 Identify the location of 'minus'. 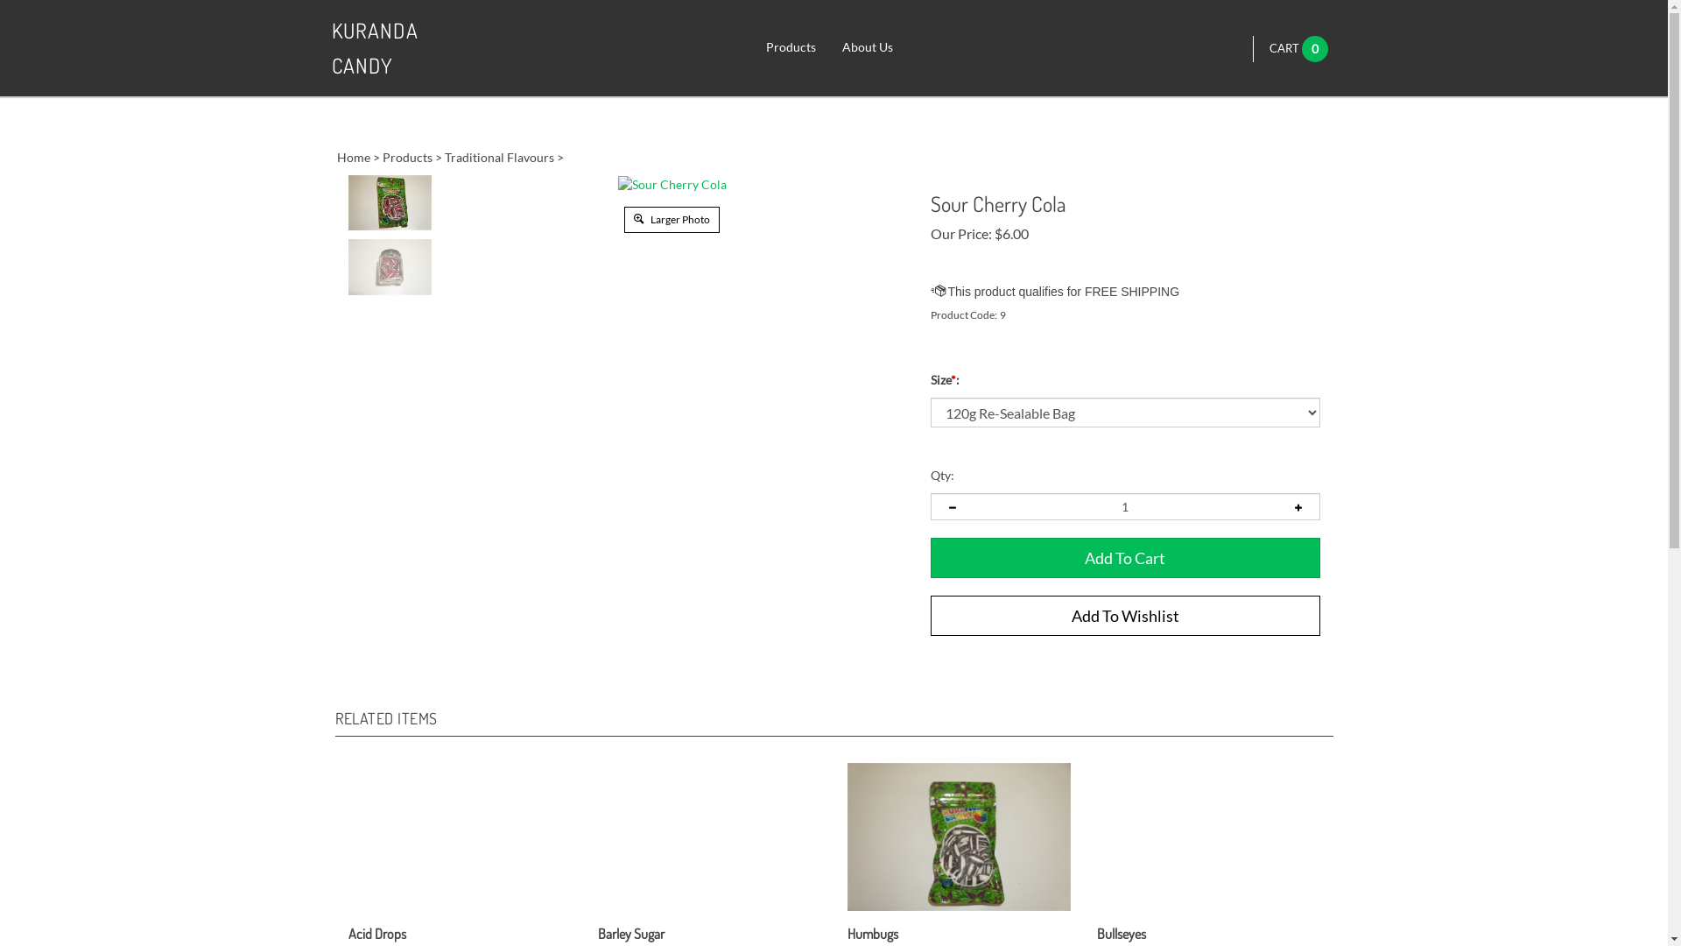
(950, 506).